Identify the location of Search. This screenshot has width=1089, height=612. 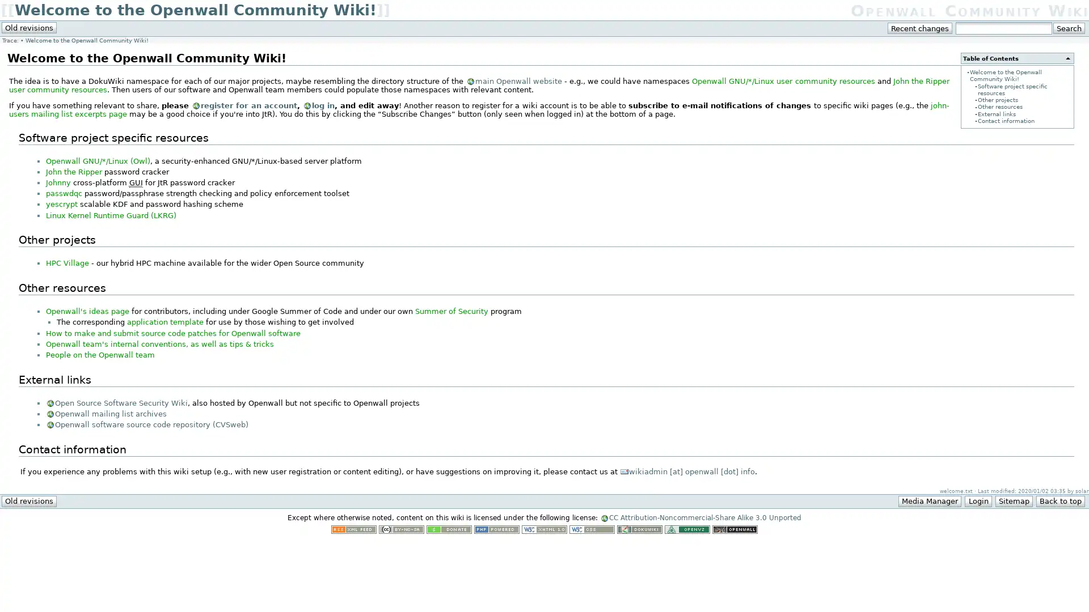
(1068, 28).